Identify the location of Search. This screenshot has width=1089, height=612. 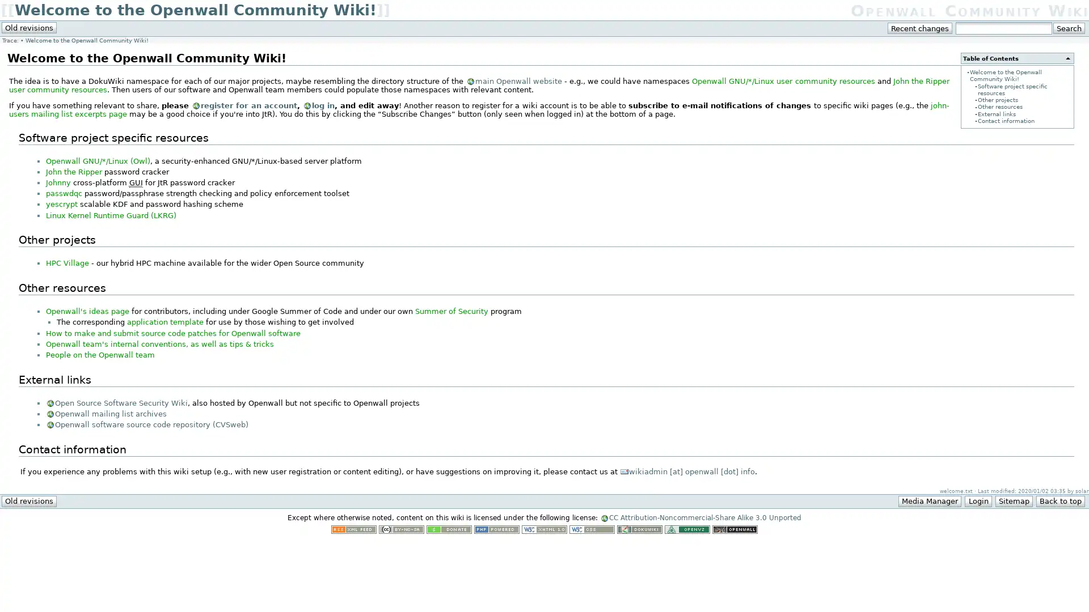
(1068, 28).